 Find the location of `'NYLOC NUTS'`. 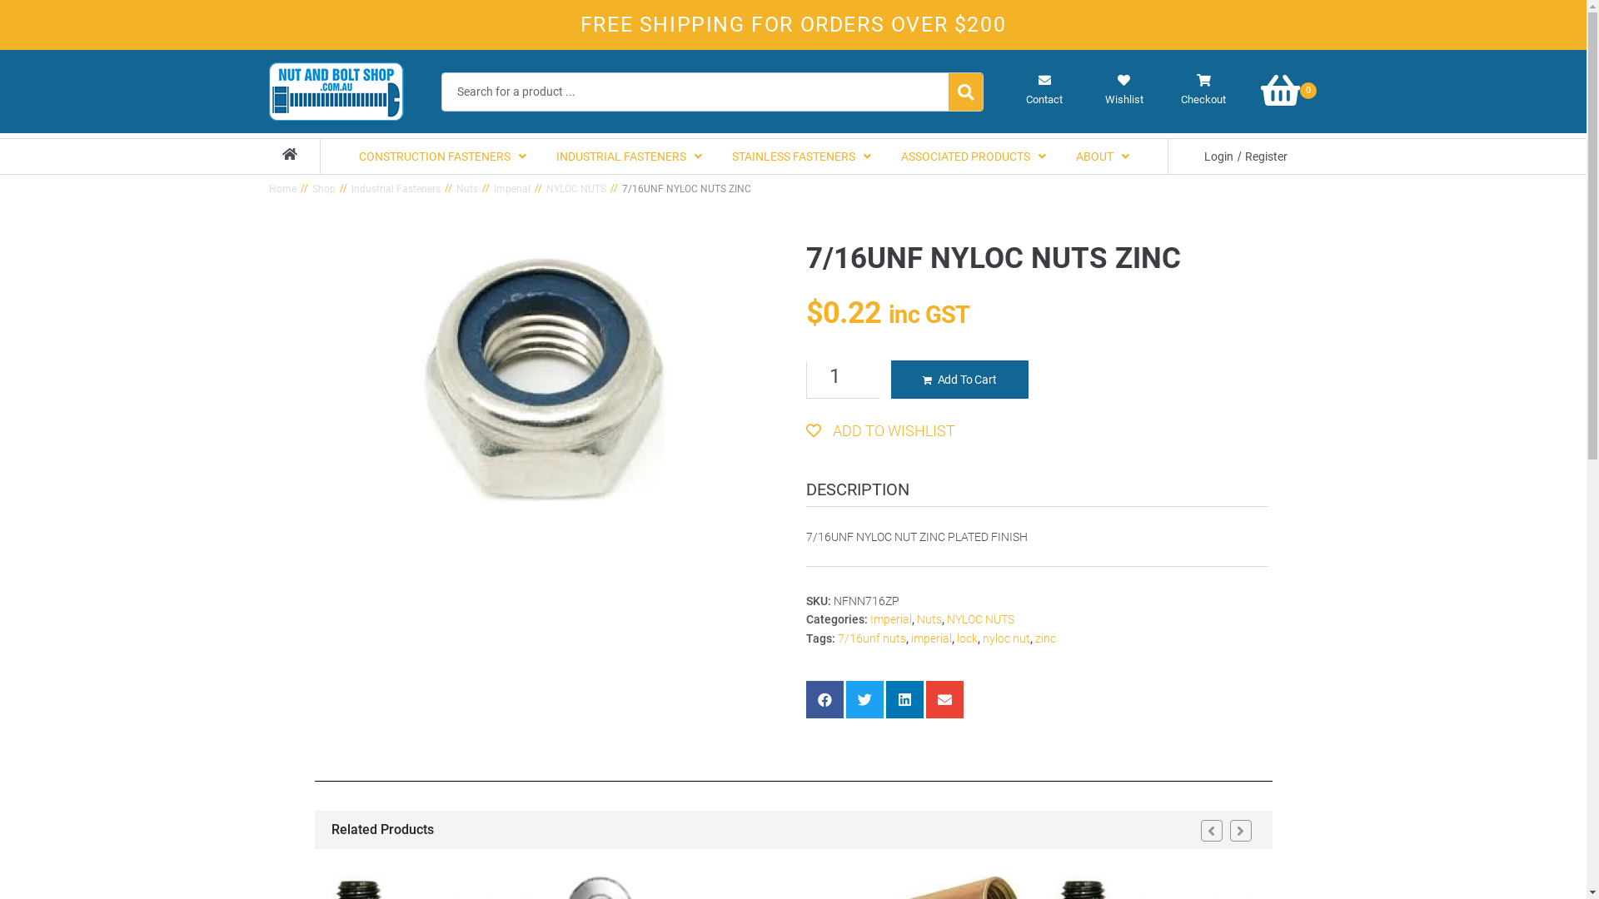

'NYLOC NUTS' is located at coordinates (979, 619).